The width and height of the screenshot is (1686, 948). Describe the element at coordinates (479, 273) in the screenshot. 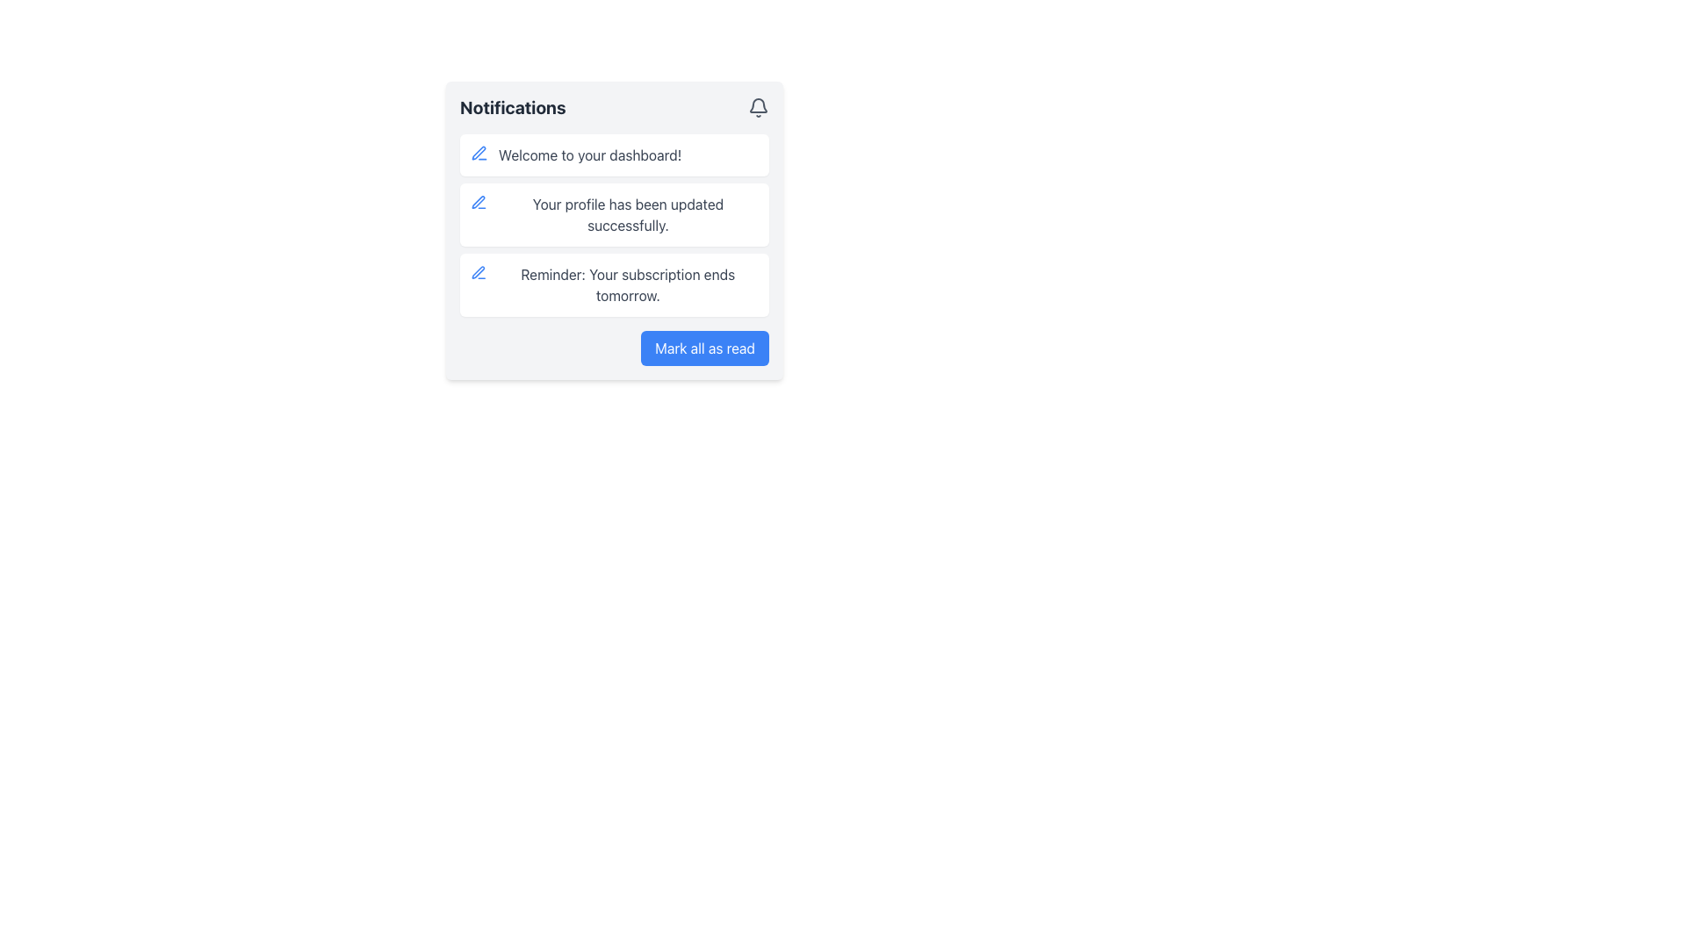

I see `the decorative icon located to the left of the notification text 'Reminder: Your subscription ends tomorrow.', which is within a rounded white background box` at that location.